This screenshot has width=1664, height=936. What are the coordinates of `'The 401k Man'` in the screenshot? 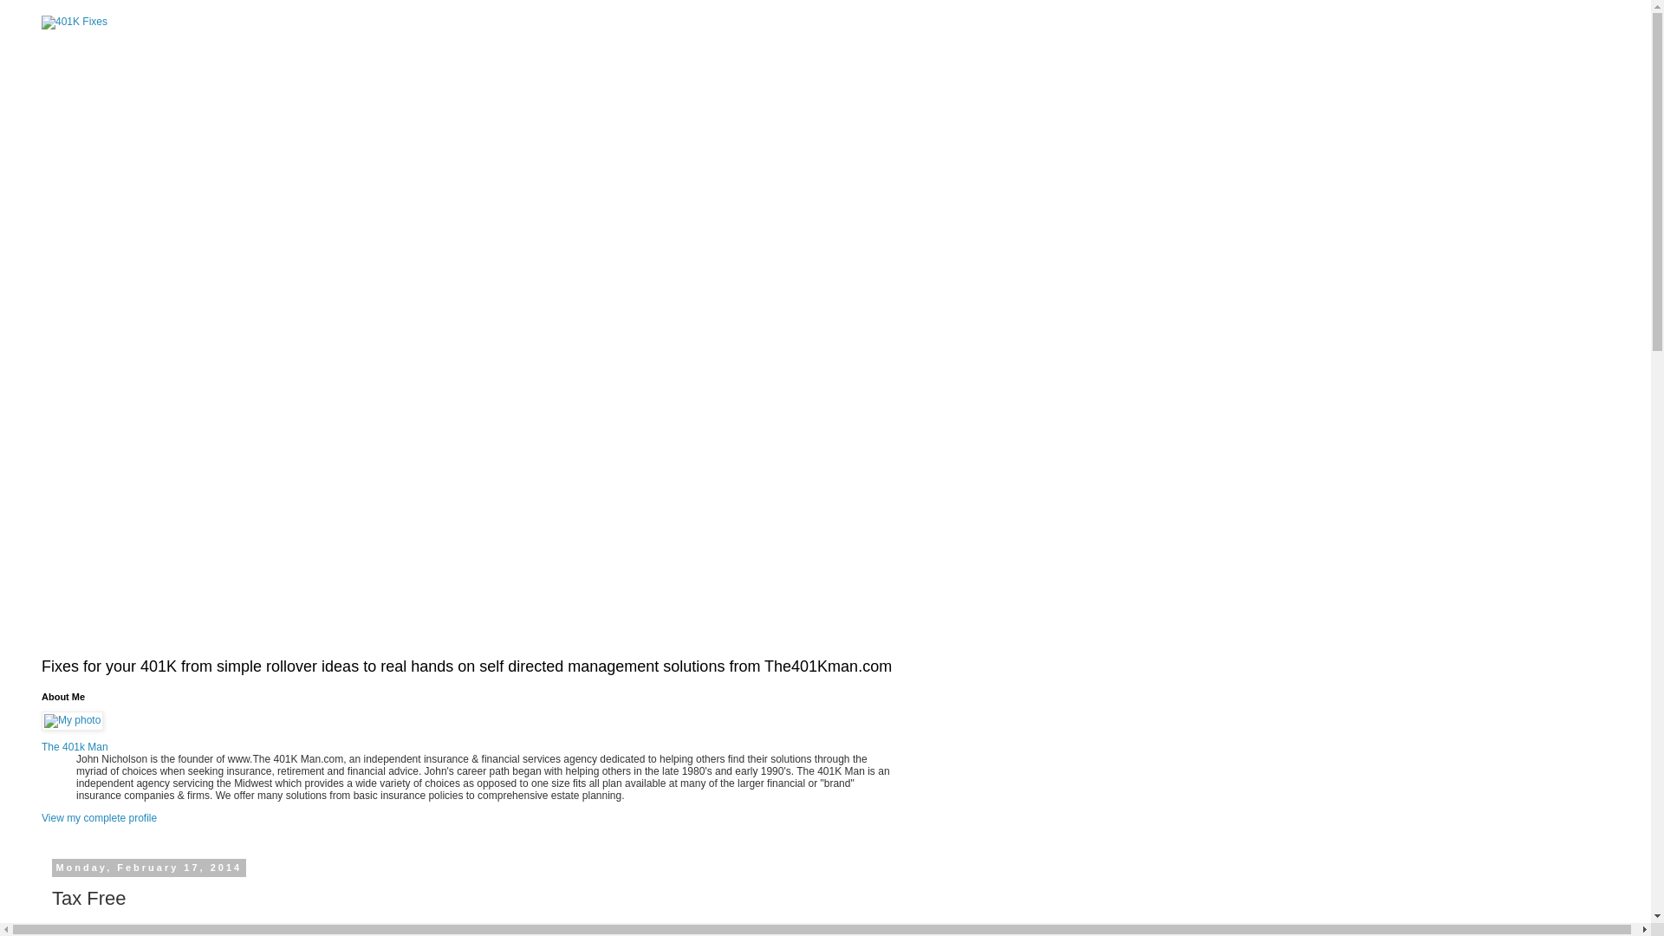 It's located at (74, 745).